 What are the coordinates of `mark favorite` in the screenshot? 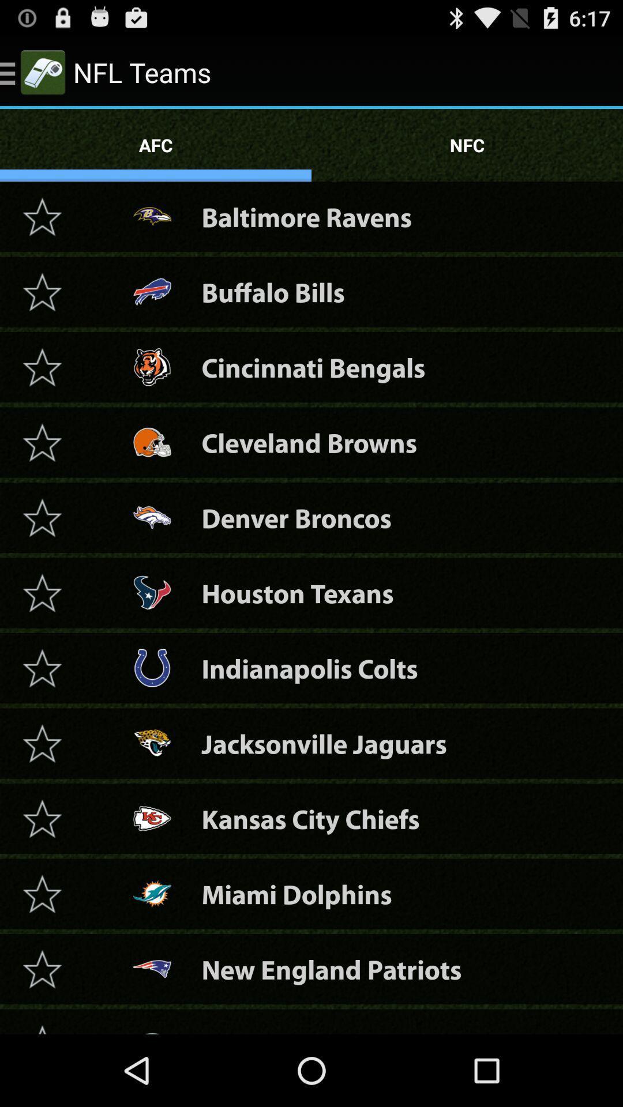 It's located at (42, 292).